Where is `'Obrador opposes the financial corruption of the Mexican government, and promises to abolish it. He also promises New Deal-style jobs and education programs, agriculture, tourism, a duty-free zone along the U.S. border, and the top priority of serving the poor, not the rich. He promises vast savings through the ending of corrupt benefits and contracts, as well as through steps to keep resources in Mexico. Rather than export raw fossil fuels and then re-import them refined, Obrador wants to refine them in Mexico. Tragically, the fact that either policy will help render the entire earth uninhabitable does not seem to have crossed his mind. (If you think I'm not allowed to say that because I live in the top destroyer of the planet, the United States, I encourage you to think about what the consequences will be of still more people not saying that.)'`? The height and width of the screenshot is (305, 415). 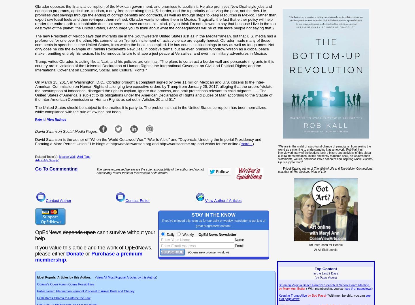
'Obrador opposes the financial corruption of the Mexican government, and promises to abolish it. He also promises New Deal-style jobs and education programs, agriculture, tourism, a duty-free zone along the U.S. border, and the top priority of serving the poor, not the rich. He promises vast savings through the ending of corrupt benefits and contracts, as well as through steps to keep resources in Mexico. Rather than export raw fossil fuels and then re-import them refined, Obrador wants to refine them in Mexico. Tragically, the fact that either policy will help render the entire earth uninhabitable does not seem to have crossed his mind. (If you think I'm not allowed to say that because I live in the top destroyer of the planet, the United States, I encourage you to think about what the consequences will be of still more people not saying that.)' is located at coordinates (155, 17).